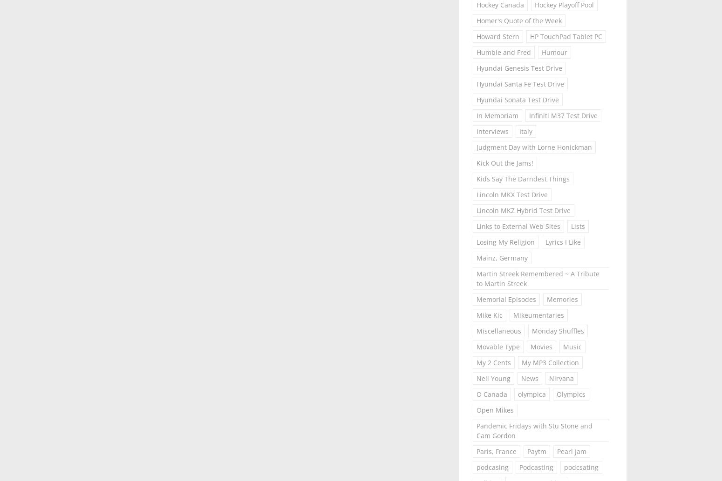 The height and width of the screenshot is (481, 722). Describe the element at coordinates (498, 36) in the screenshot. I see `'Howard Stern'` at that location.